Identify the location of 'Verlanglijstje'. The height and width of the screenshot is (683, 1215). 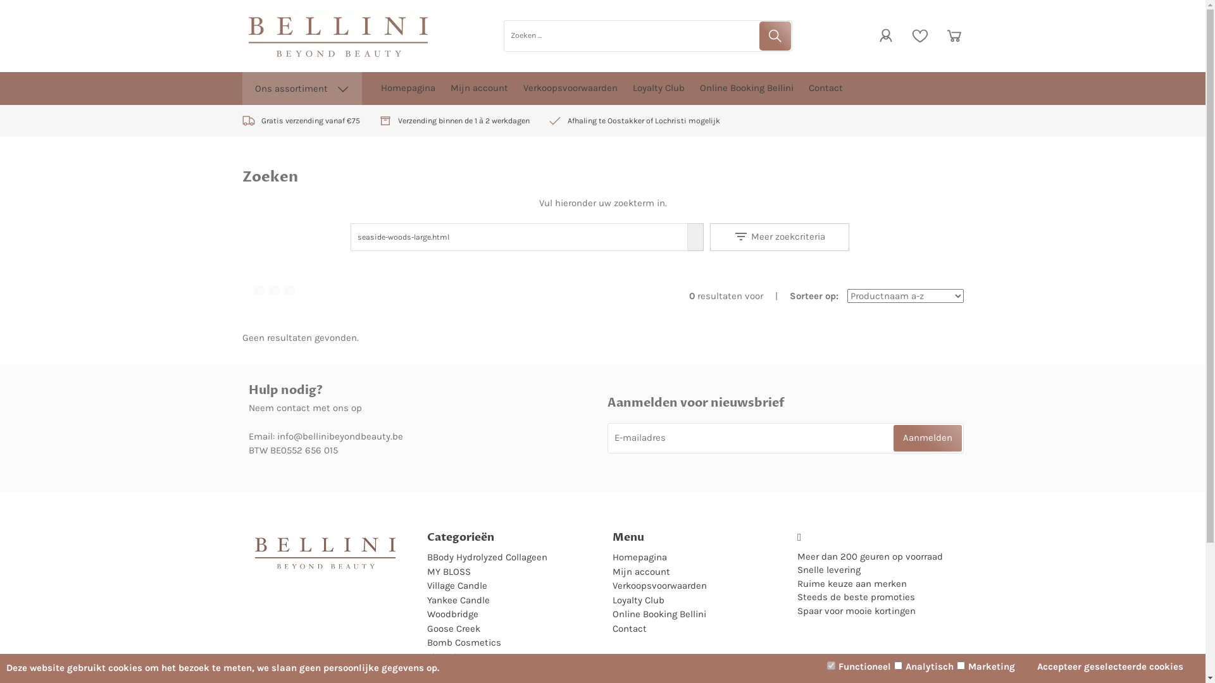
(919, 35).